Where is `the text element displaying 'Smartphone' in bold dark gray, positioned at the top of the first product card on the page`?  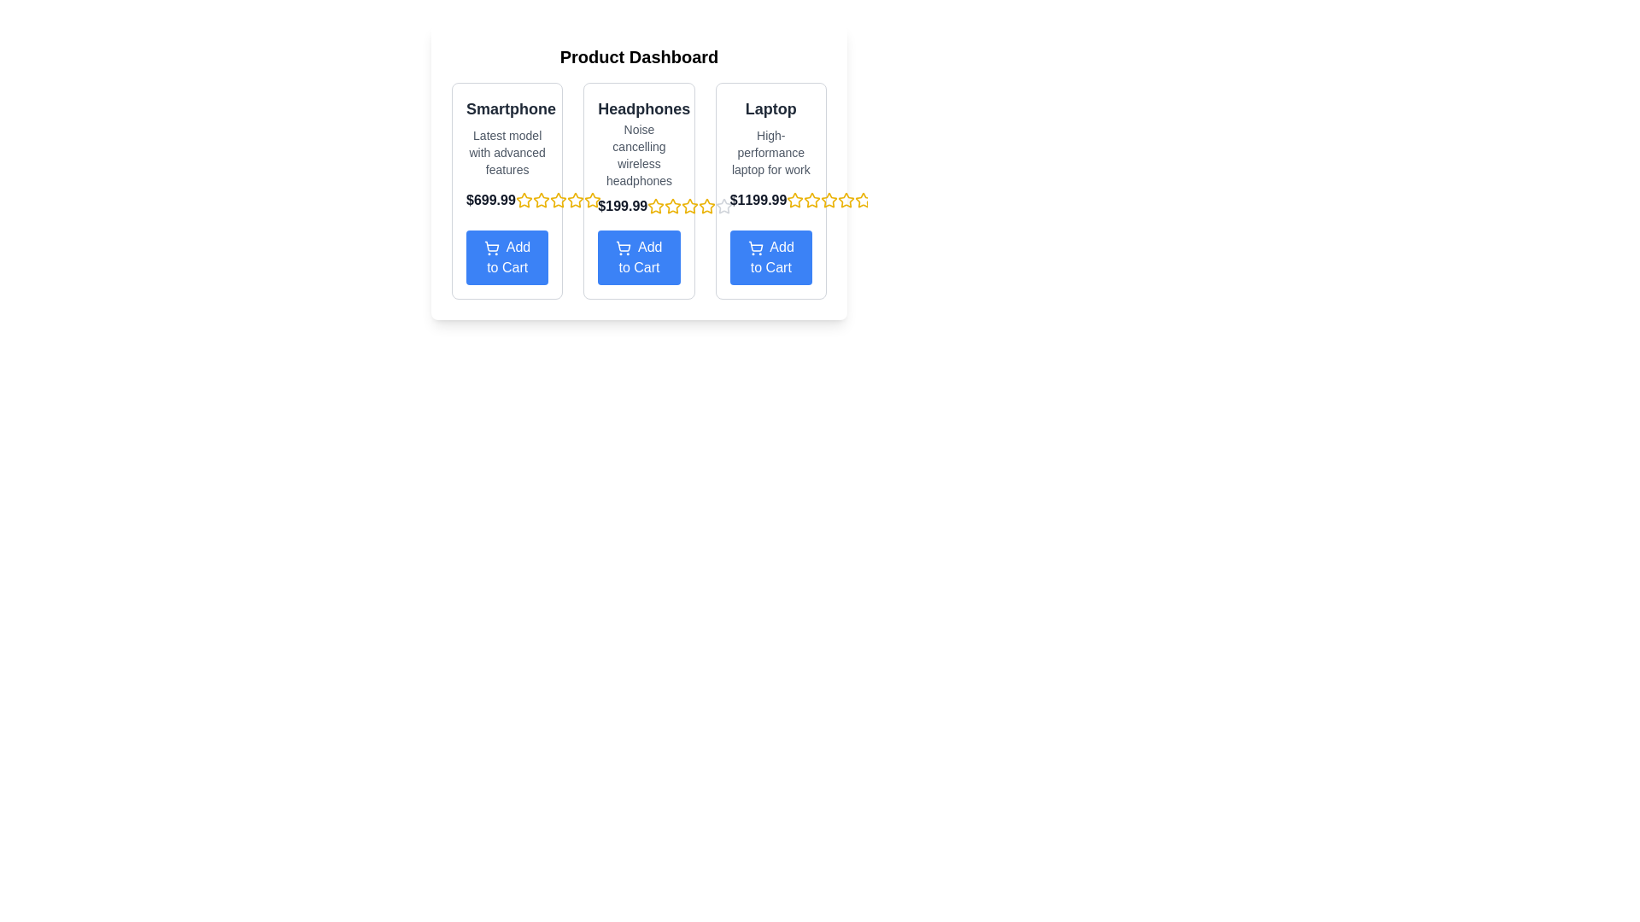 the text element displaying 'Smartphone' in bold dark gray, positioned at the top of the first product card on the page is located at coordinates (507, 108).